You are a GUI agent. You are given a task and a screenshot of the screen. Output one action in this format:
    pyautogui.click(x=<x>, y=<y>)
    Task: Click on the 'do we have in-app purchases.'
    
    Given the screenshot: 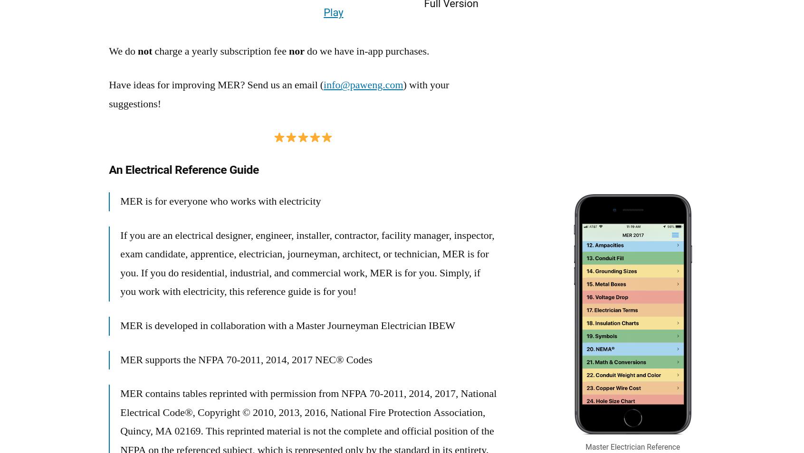 What is the action you would take?
    pyautogui.click(x=366, y=50)
    